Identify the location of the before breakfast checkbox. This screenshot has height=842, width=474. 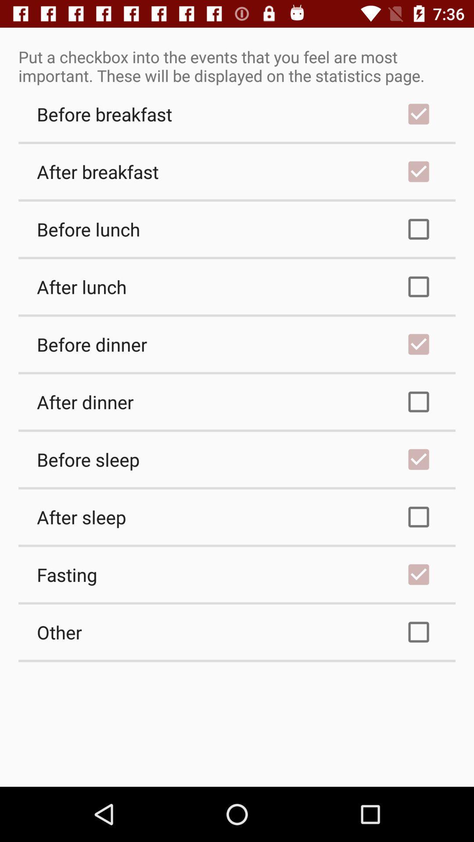
(237, 114).